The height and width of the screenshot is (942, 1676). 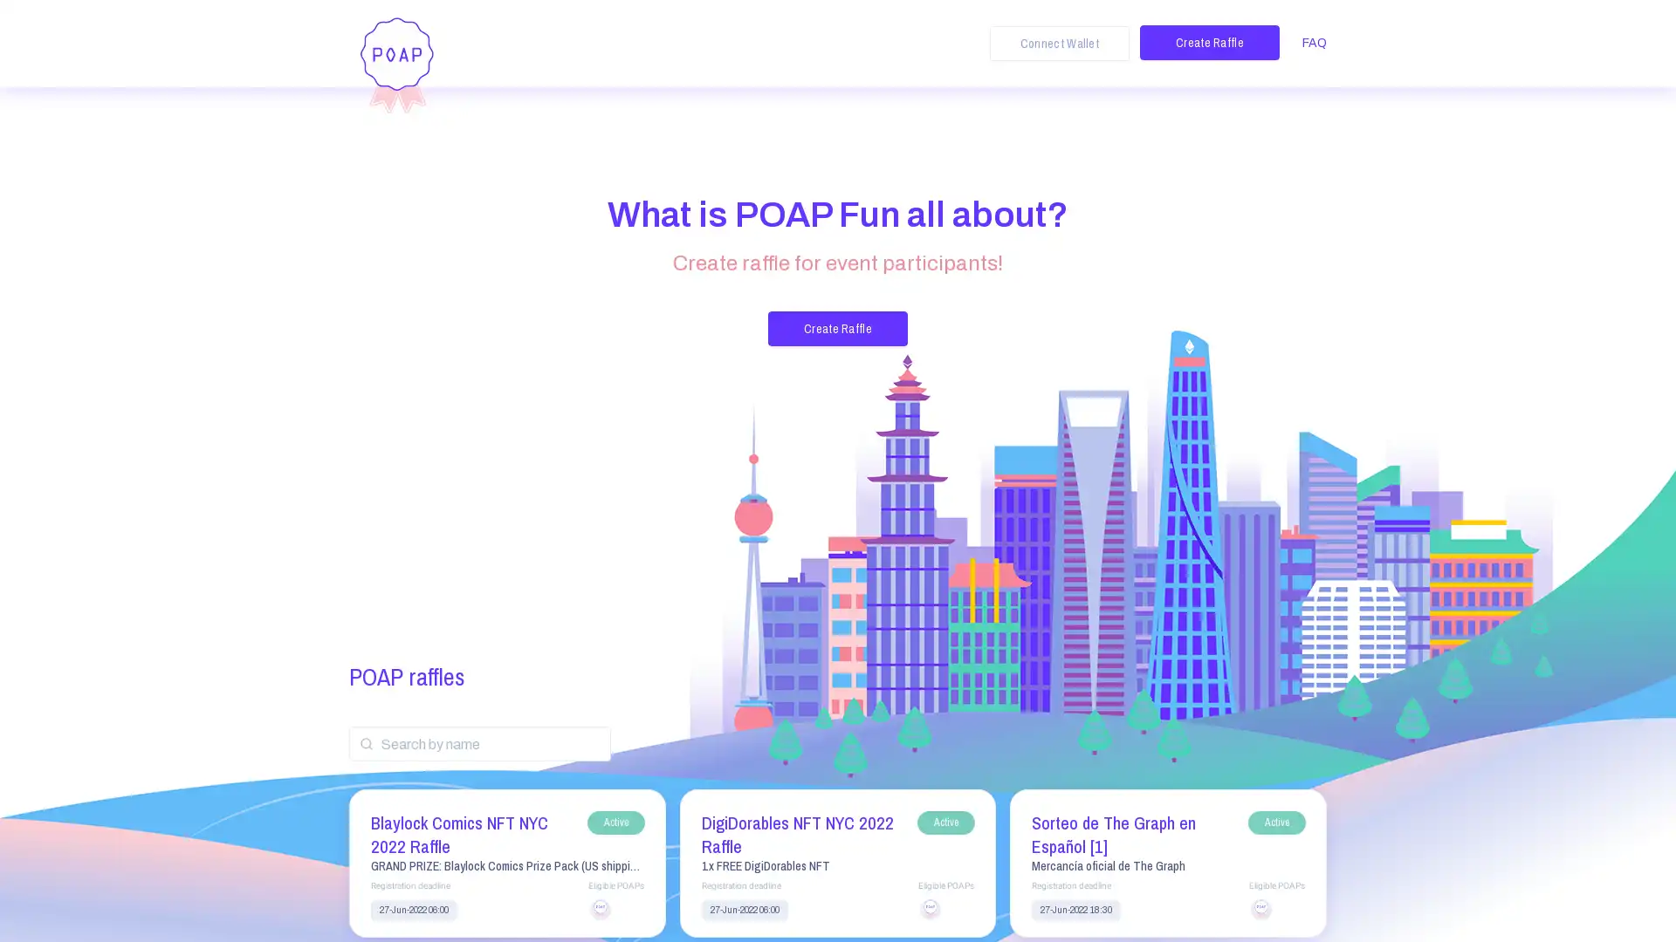 I want to click on Connect Wallet, so click(x=1059, y=43).